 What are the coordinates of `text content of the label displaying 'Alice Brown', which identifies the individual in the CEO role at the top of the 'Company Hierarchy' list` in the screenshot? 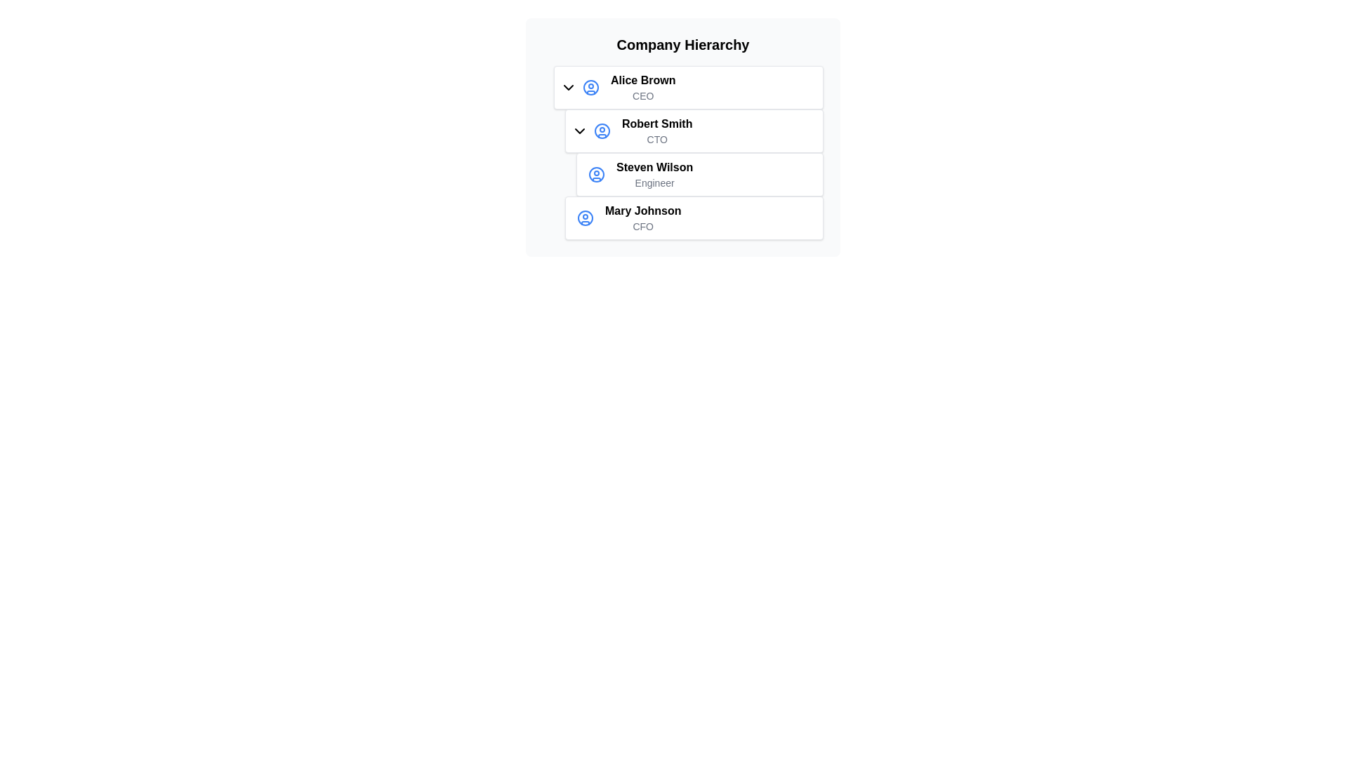 It's located at (642, 81).